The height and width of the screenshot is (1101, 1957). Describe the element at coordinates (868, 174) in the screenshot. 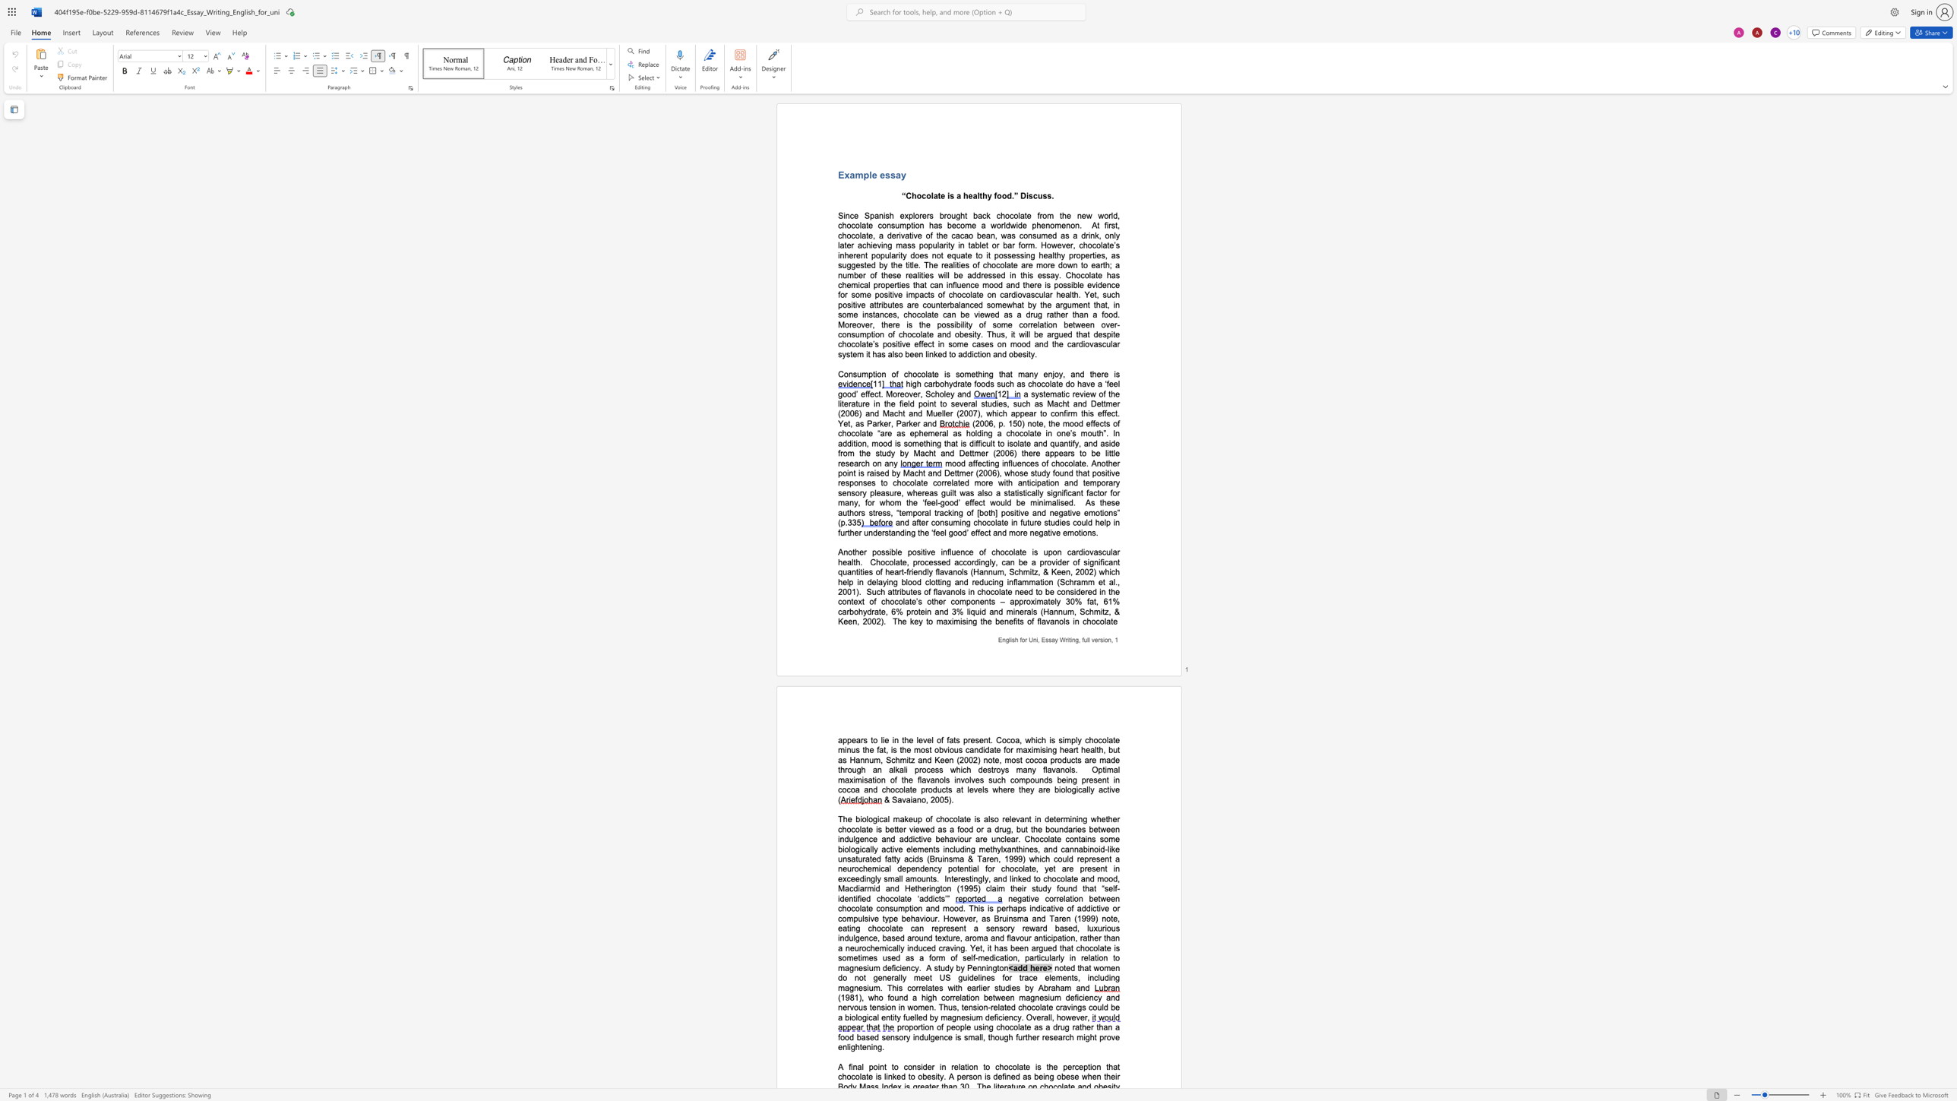

I see `the space between the continuous character "p" and "l" in the text` at that location.